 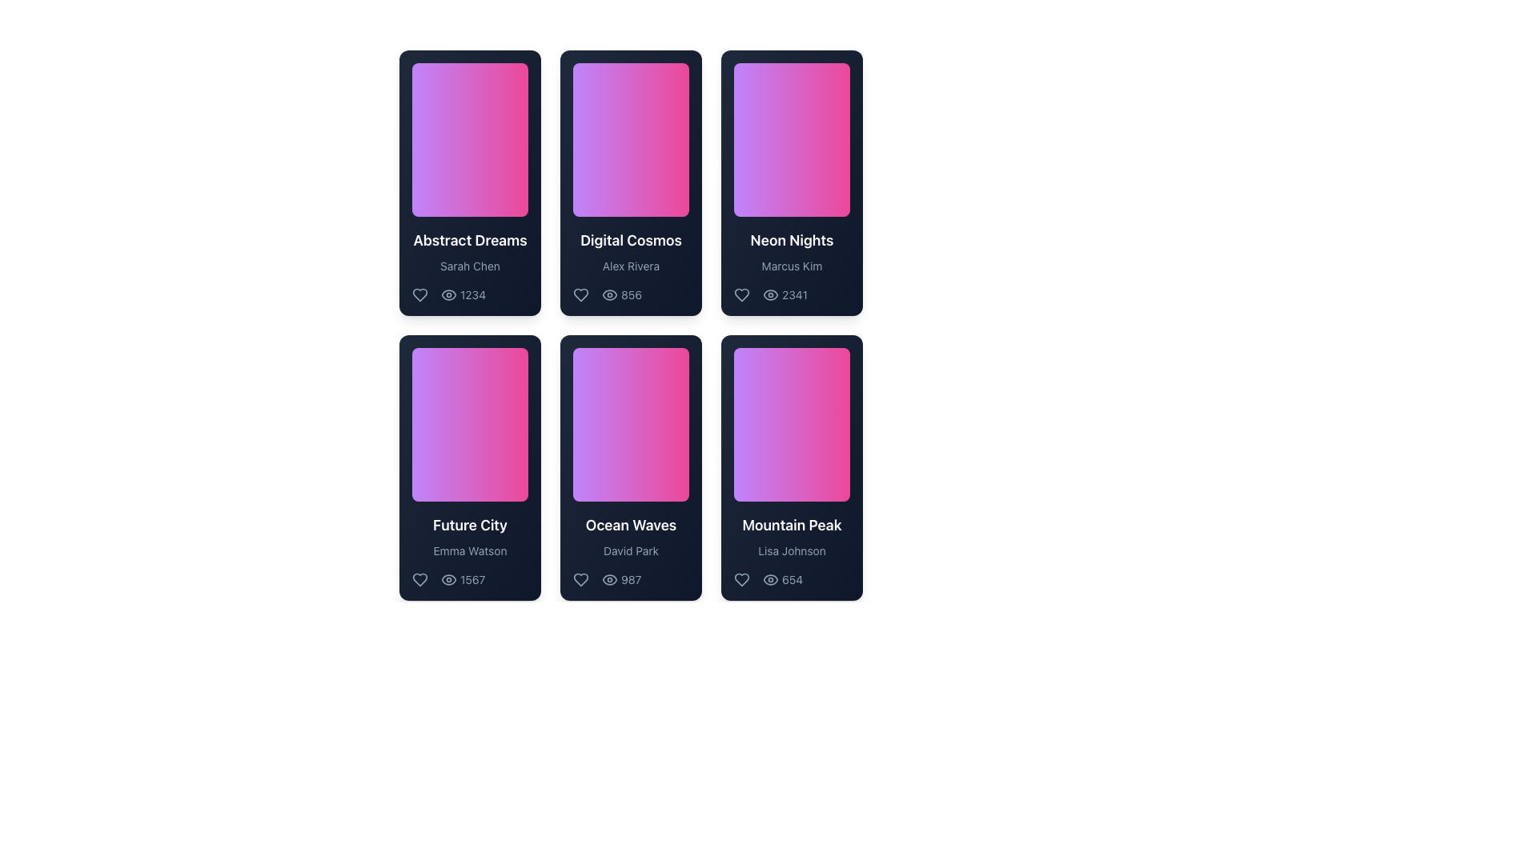 What do you see at coordinates (609, 580) in the screenshot?
I see `the small eye-shaped icon located in the second row and second column of the grid layout, which is part of the 'Ocean Waves' card and is positioned to the left of the '987' numerical text` at bounding box center [609, 580].